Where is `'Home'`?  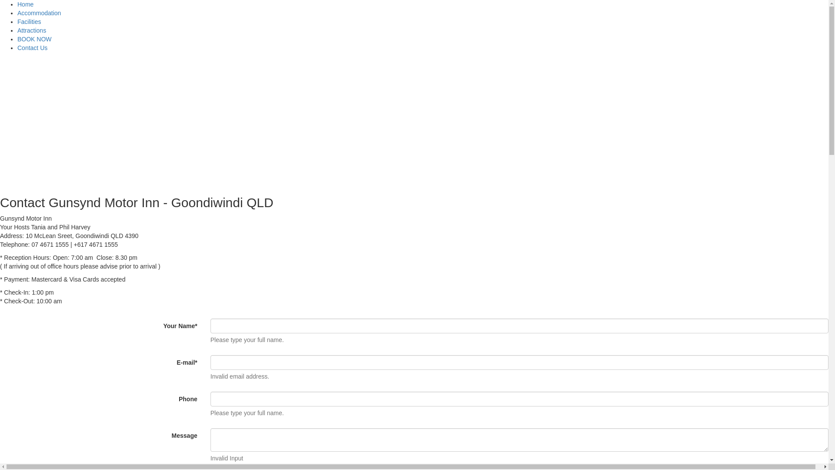 'Home' is located at coordinates (17, 4).